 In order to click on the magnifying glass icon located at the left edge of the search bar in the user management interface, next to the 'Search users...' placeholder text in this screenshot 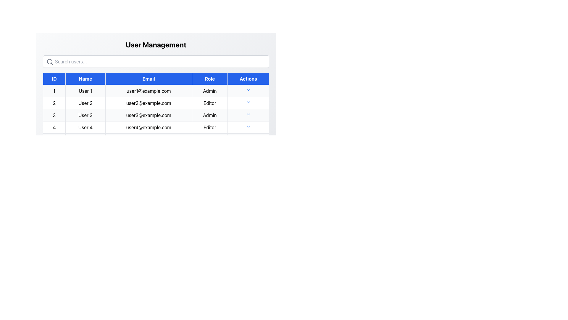, I will do `click(50, 62)`.